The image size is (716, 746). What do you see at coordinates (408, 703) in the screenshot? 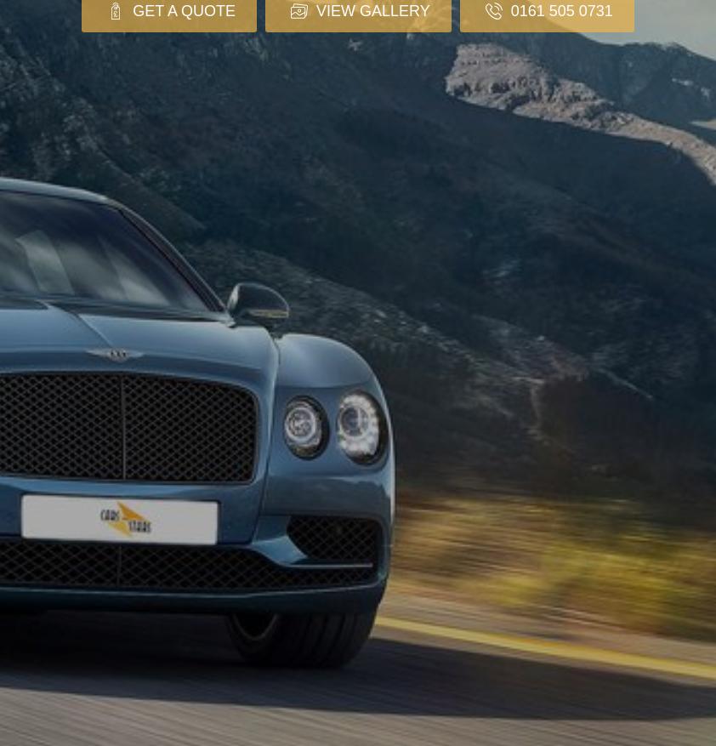
I see `'Bristol Ban Diesel Cars From its City Centre'` at bounding box center [408, 703].